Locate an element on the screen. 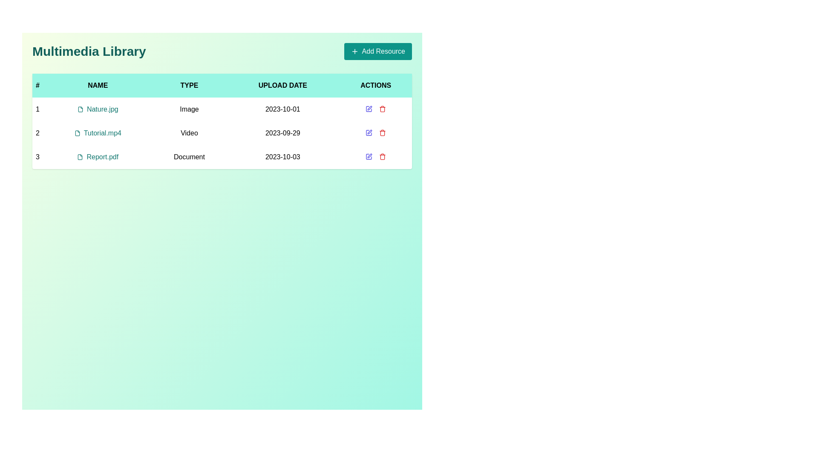  the icon that indicates the 'Tutorial.mp4' file entry in the 'NAME' column of the table, located in the second row is located at coordinates (77, 133).